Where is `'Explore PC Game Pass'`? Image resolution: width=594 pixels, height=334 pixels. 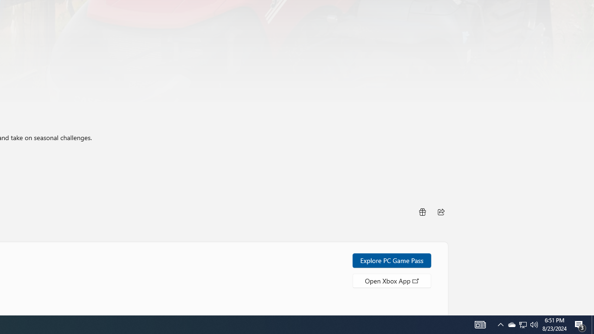
'Explore PC Game Pass' is located at coordinates (392, 260).